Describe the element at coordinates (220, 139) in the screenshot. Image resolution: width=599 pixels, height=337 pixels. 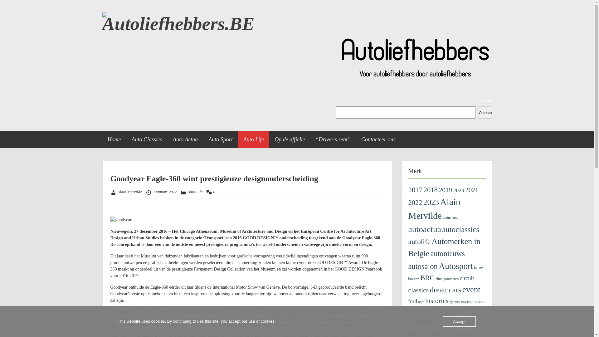
I see `'Auto Sport'` at that location.